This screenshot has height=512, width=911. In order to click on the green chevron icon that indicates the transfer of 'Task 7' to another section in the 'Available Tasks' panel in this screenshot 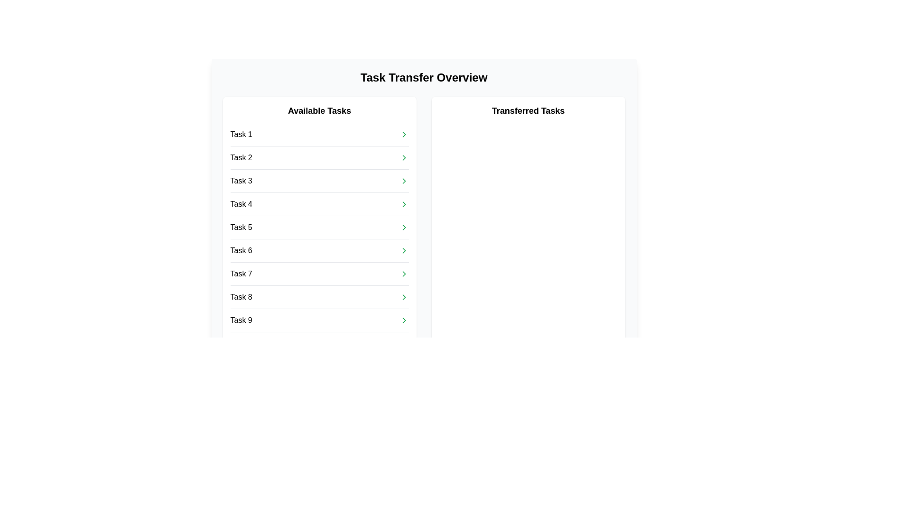, I will do `click(404, 274)`.